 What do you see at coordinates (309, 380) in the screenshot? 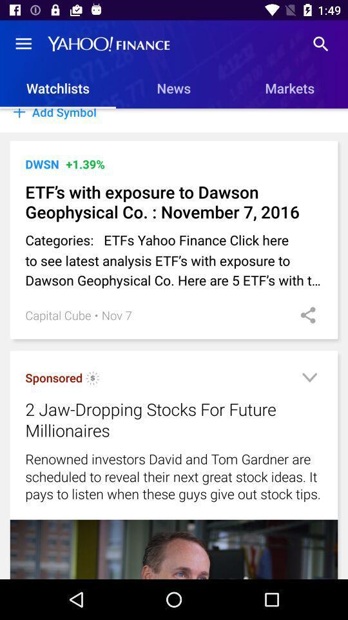
I see `show less` at bounding box center [309, 380].